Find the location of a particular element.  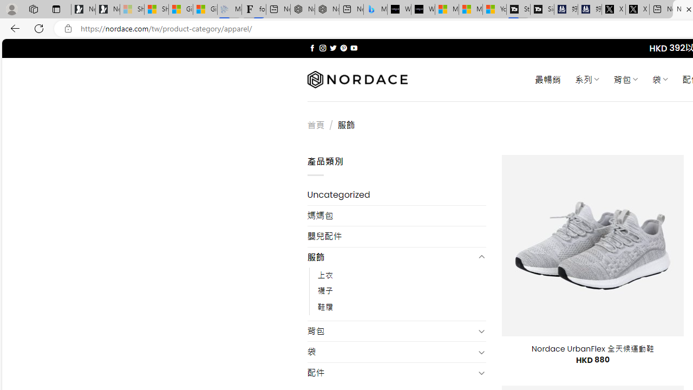

'Refresh' is located at coordinates (39, 28).